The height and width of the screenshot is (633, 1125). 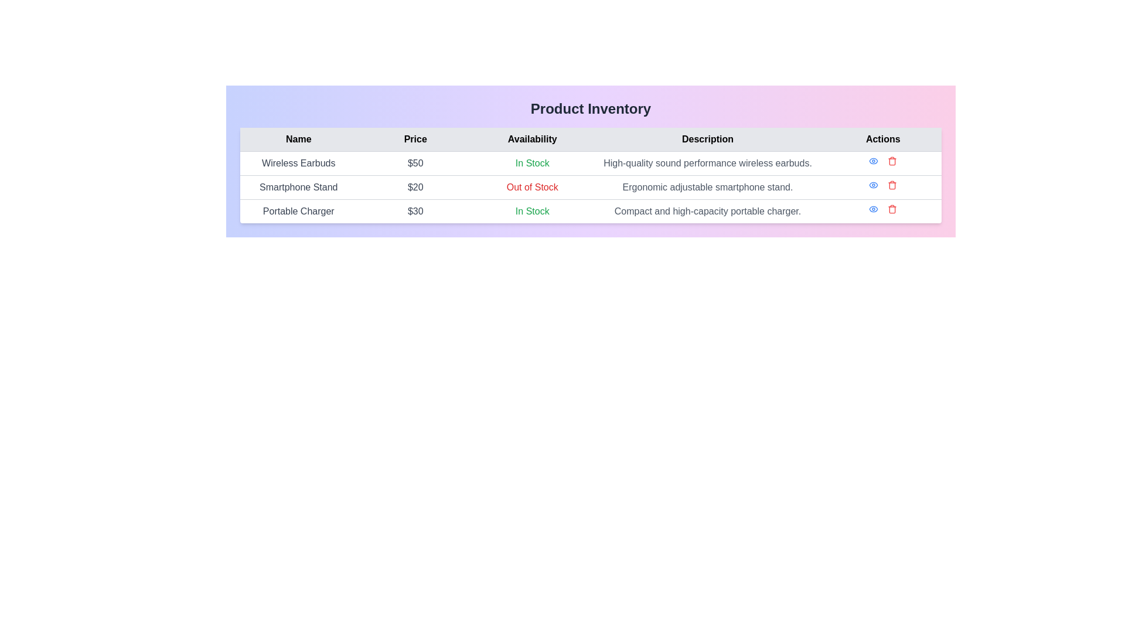 What do you see at coordinates (591, 211) in the screenshot?
I see `the third row of the structured data table that contains details about the product 'Portable Charger'` at bounding box center [591, 211].